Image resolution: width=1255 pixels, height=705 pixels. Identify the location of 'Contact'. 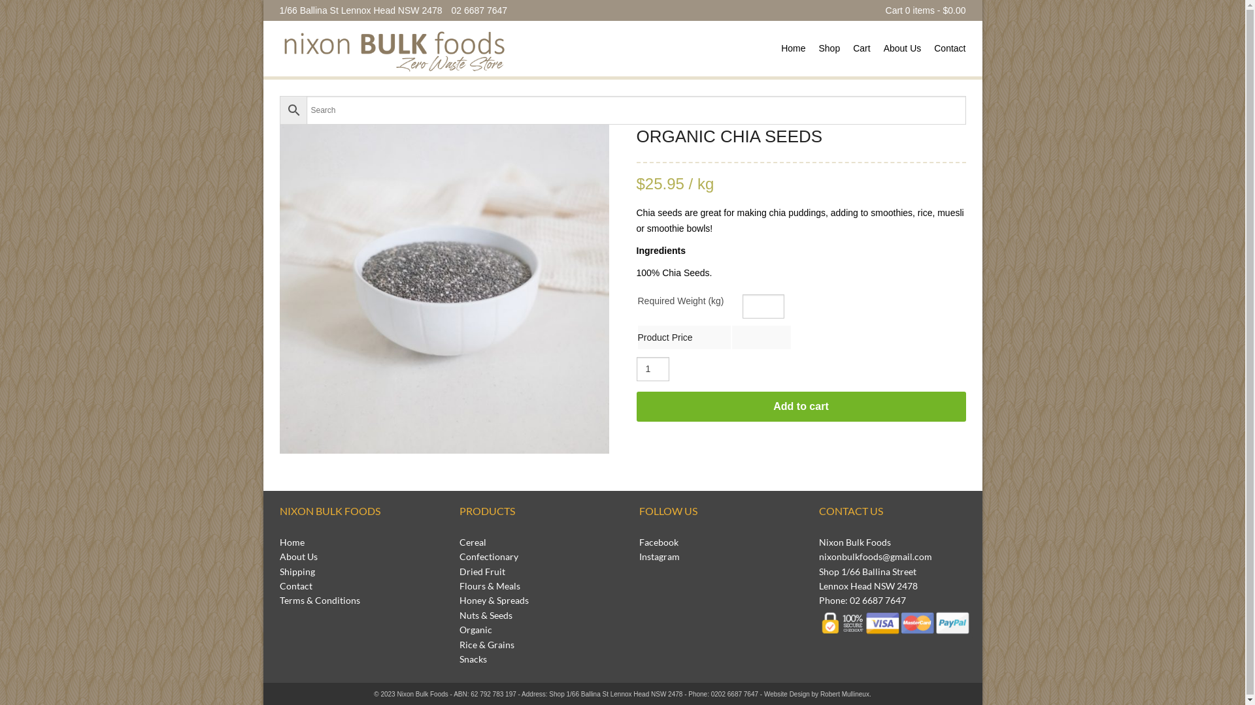
(927, 48).